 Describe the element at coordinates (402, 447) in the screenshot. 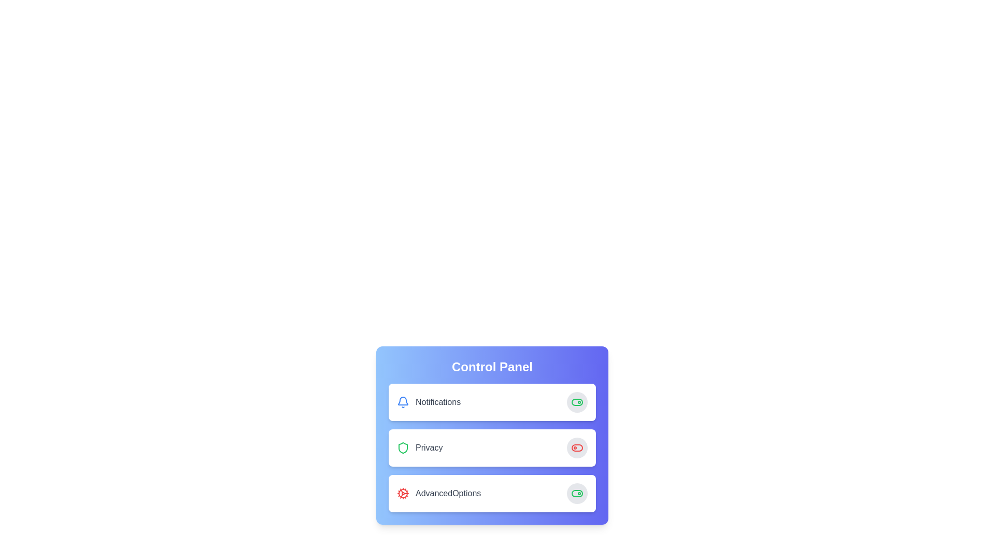

I see `the privacy settings icon located in the 'Privacy' row of the control panel interface, positioned to the left of the text 'Privacy'` at that location.